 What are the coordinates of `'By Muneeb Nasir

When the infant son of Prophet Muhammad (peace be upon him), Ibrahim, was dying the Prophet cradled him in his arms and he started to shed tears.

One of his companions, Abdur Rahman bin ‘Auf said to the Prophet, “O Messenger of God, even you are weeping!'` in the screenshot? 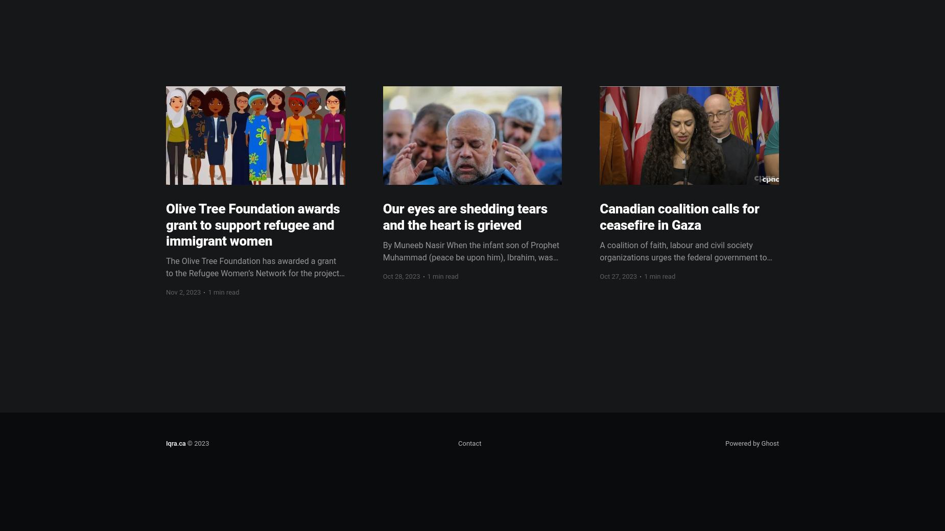 It's located at (471, 275).